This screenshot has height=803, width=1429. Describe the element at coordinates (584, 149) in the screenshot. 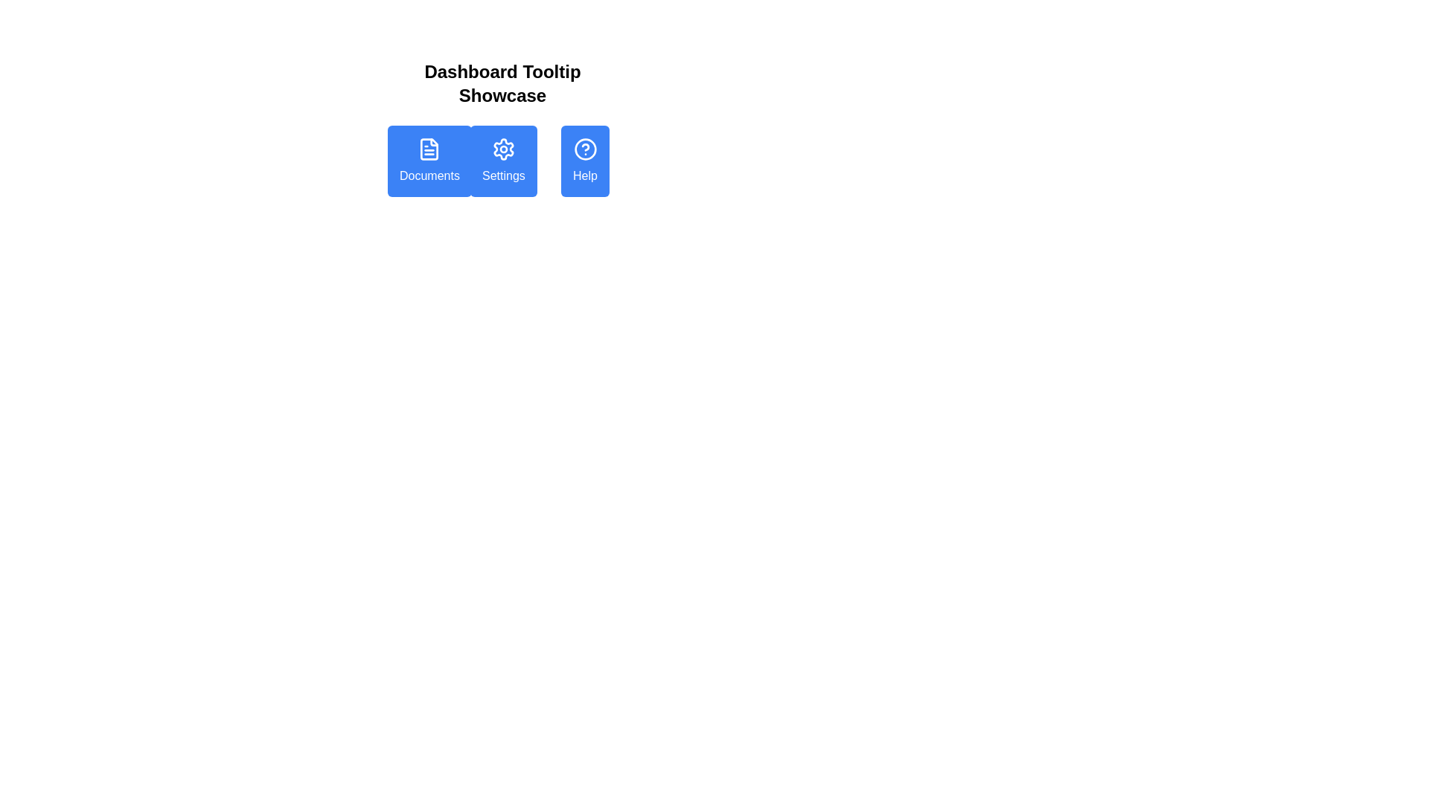

I see `the 'Help' icon, which is a visual indicator for assistance, located at the center of the Help button in the far-right position of a horizontal row of three buttons` at that location.